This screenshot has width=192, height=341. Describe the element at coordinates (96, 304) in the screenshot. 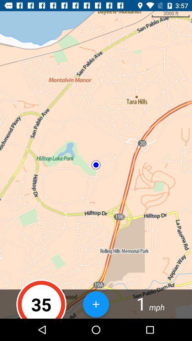

I see `new route` at that location.